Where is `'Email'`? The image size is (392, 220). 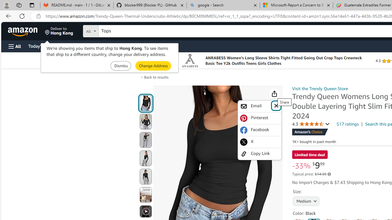
'Email' is located at coordinates (260, 106).